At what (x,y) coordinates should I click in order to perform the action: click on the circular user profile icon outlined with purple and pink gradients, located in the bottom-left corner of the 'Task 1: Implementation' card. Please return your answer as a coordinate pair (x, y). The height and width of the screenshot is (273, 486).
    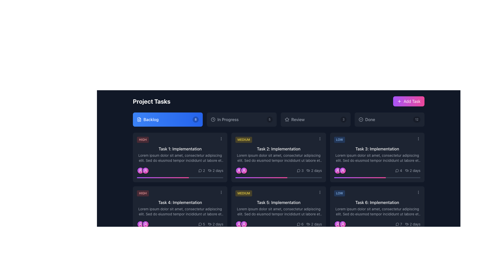
    Looking at the image, I should click on (140, 171).